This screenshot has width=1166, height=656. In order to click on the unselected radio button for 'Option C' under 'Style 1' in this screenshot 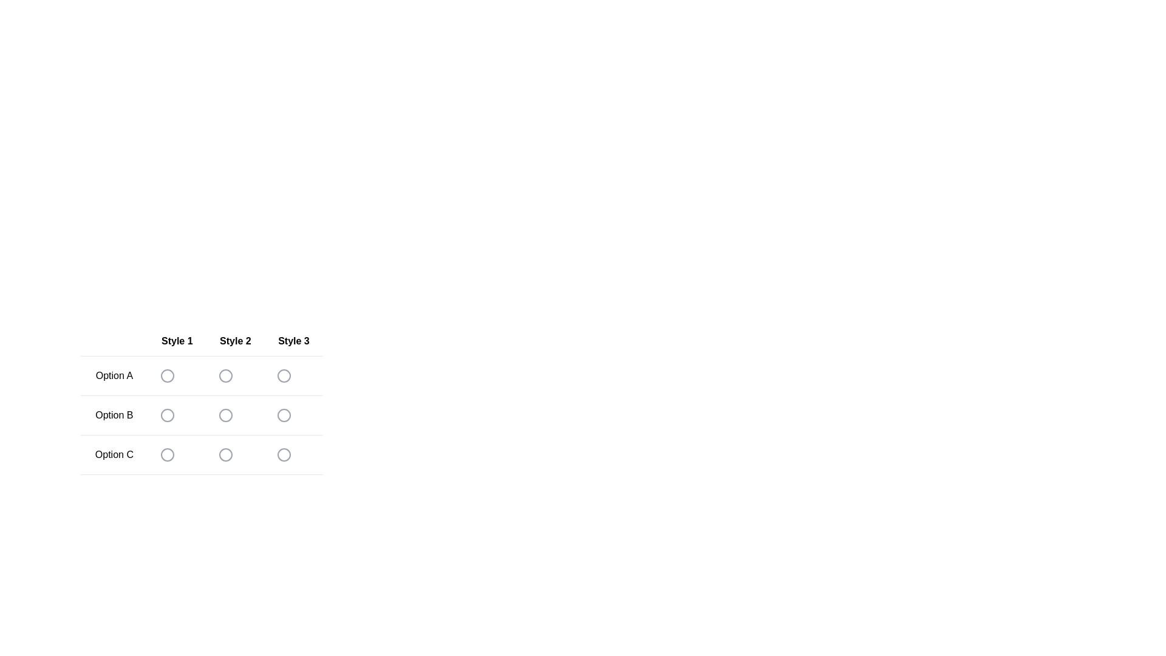, I will do `click(166, 454)`.